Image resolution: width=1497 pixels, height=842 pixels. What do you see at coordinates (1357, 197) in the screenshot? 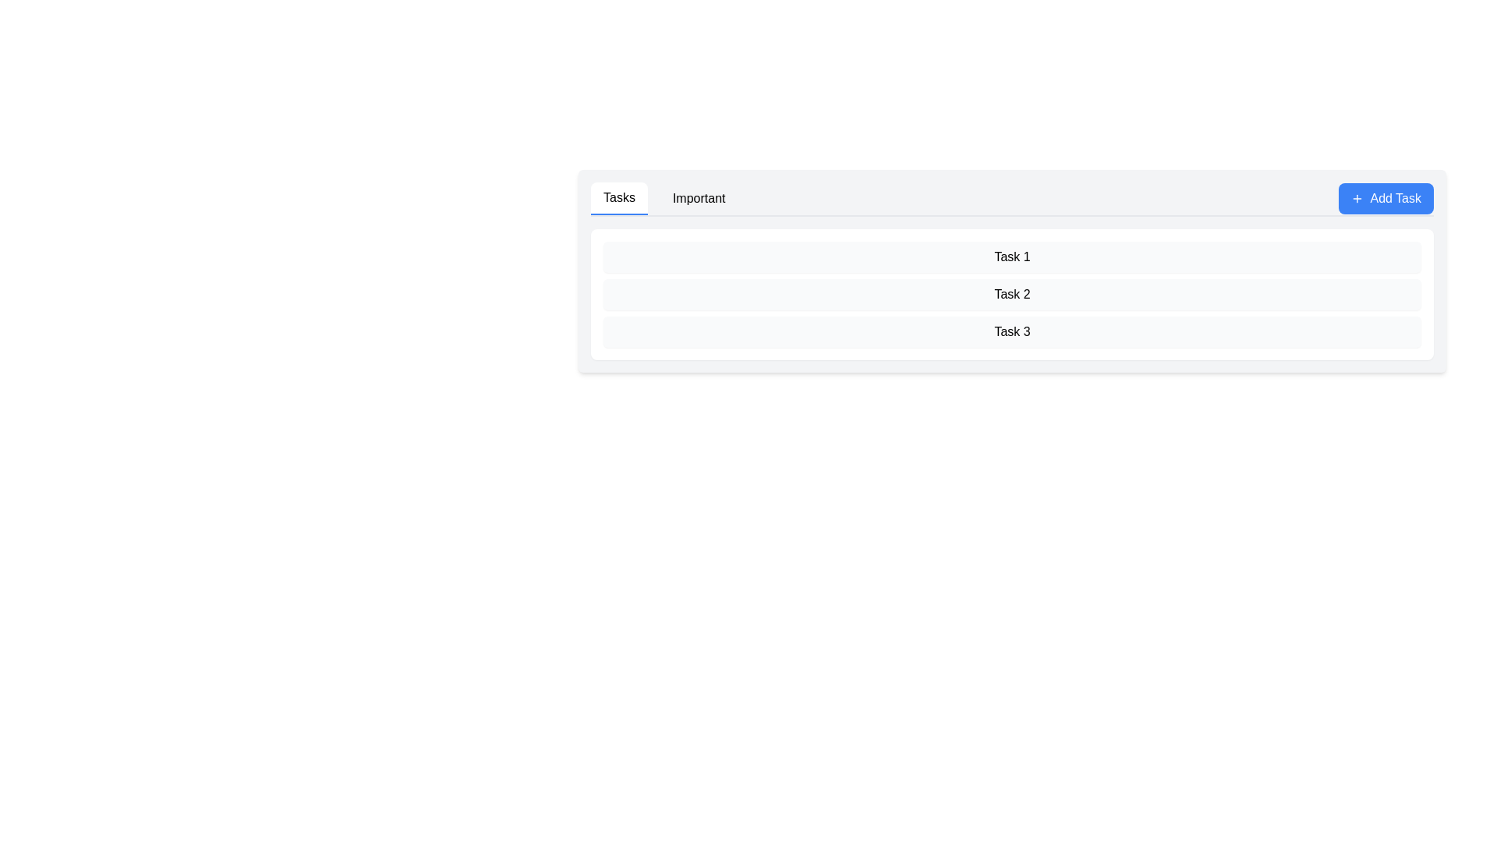
I see `the SVG icon on the left side of the 'Add Task' button, which is located in the top-right corner of the interface` at bounding box center [1357, 197].